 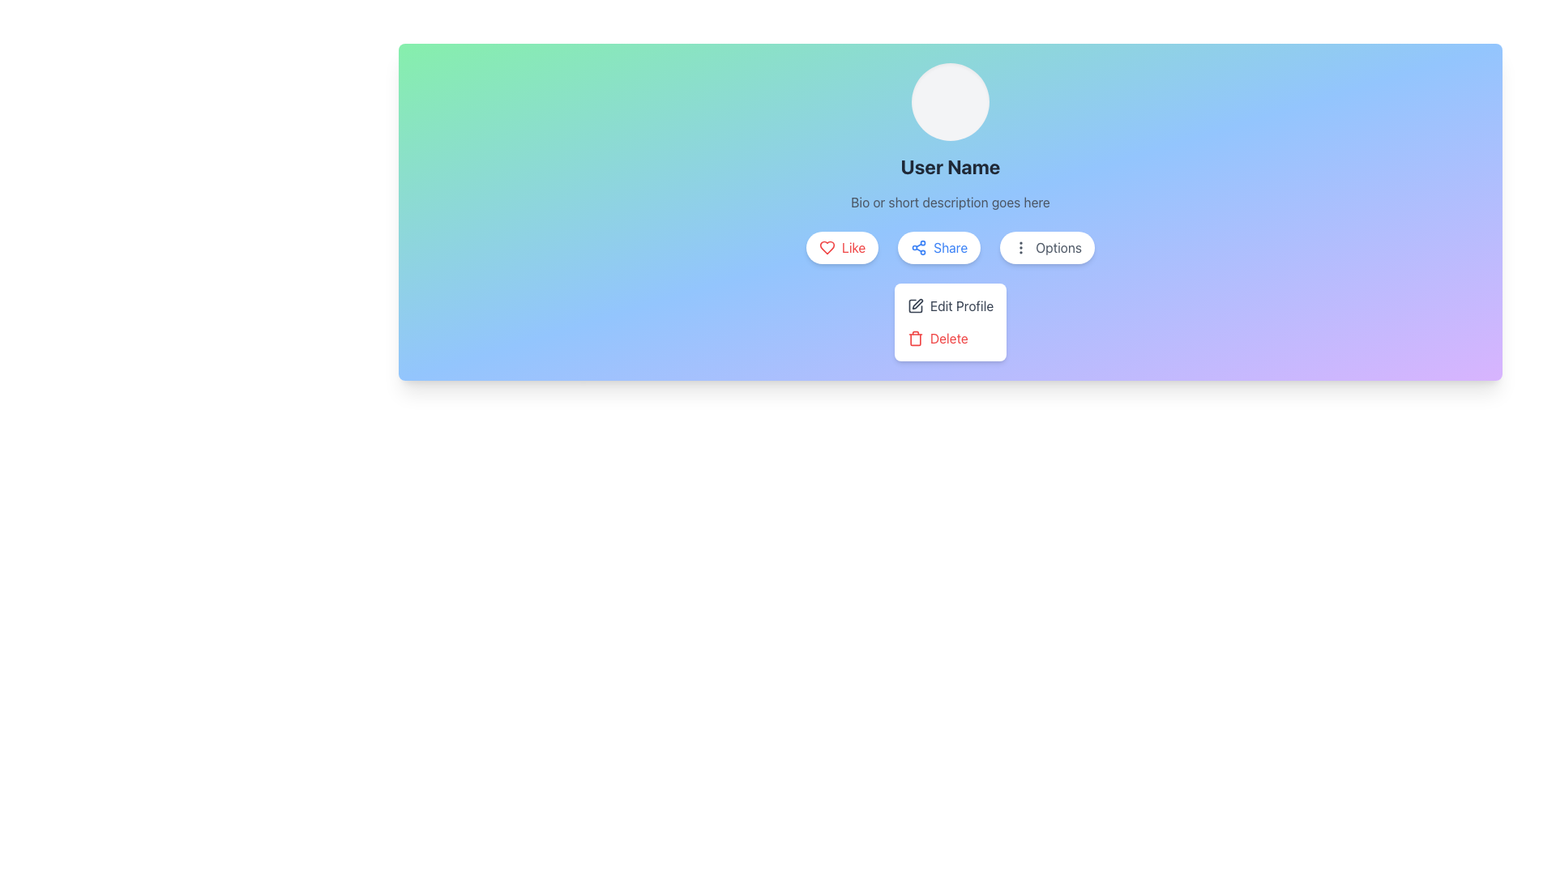 What do you see at coordinates (1020, 247) in the screenshot?
I see `the ellipsis icon` at bounding box center [1020, 247].